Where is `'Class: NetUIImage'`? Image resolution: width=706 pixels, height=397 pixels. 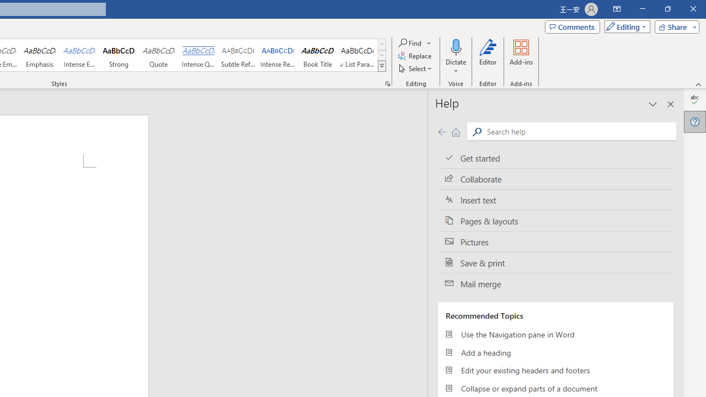 'Class: NetUIImage' is located at coordinates (382, 66).